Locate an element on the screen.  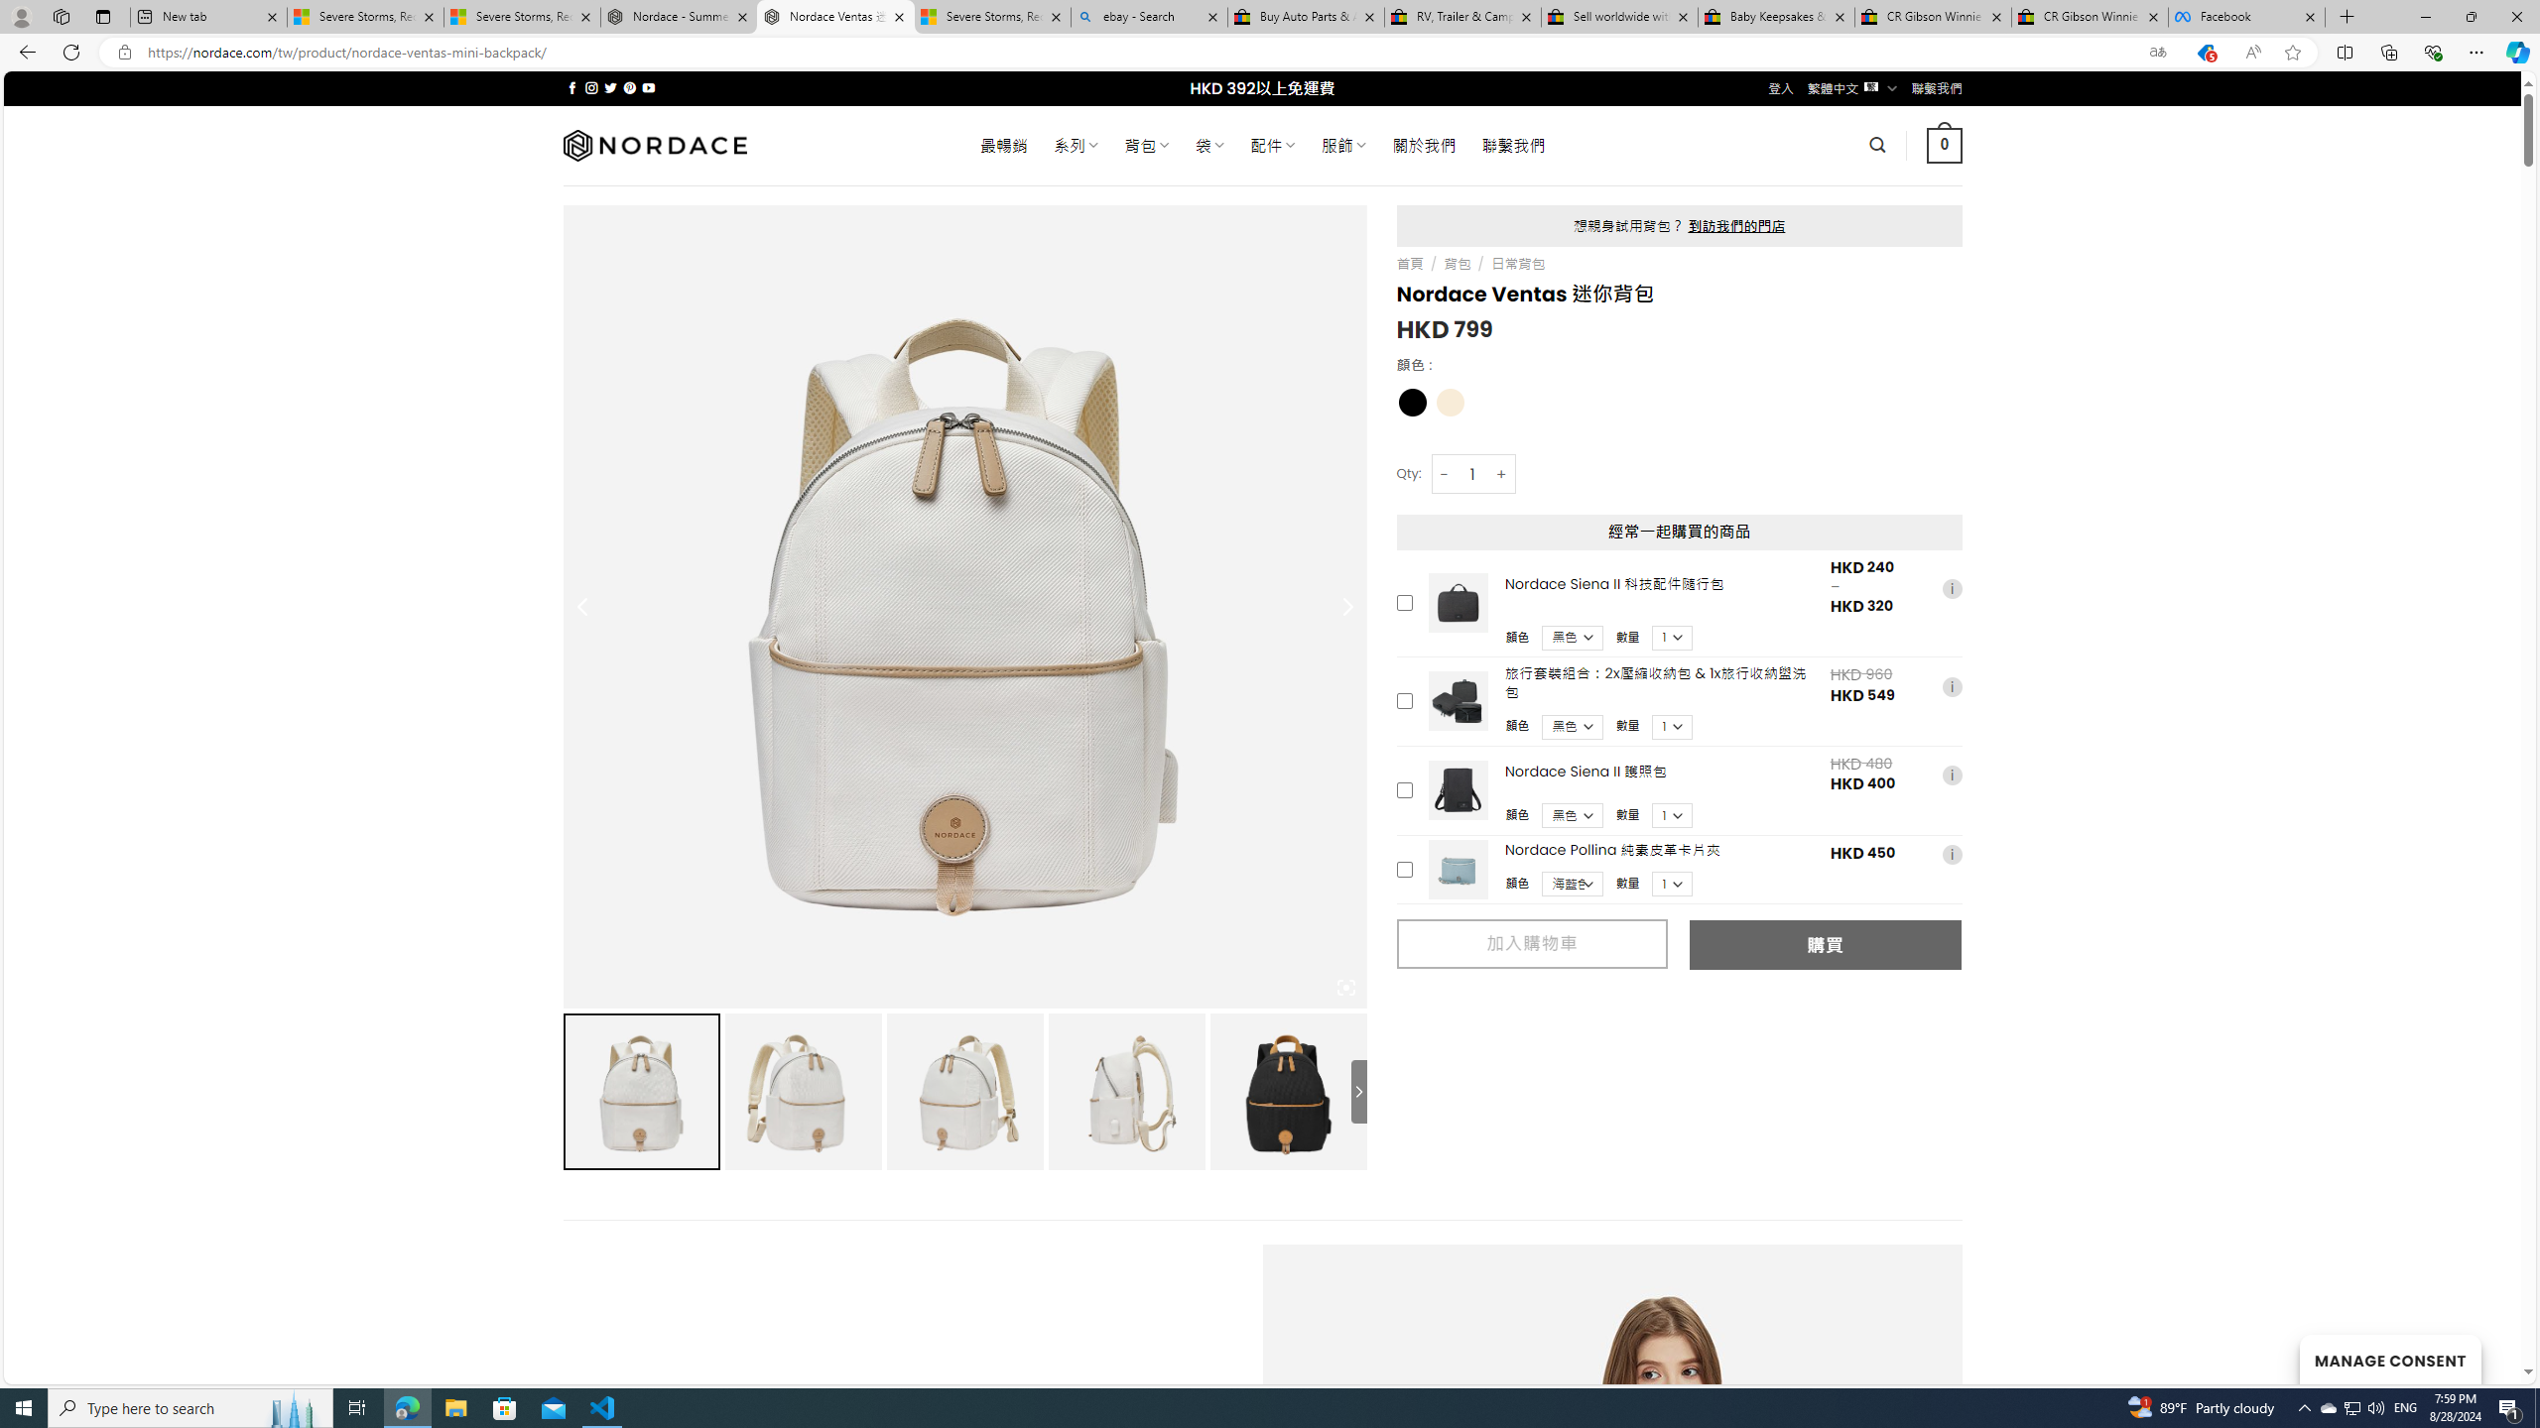
'Follow on YouTube' is located at coordinates (648, 87).